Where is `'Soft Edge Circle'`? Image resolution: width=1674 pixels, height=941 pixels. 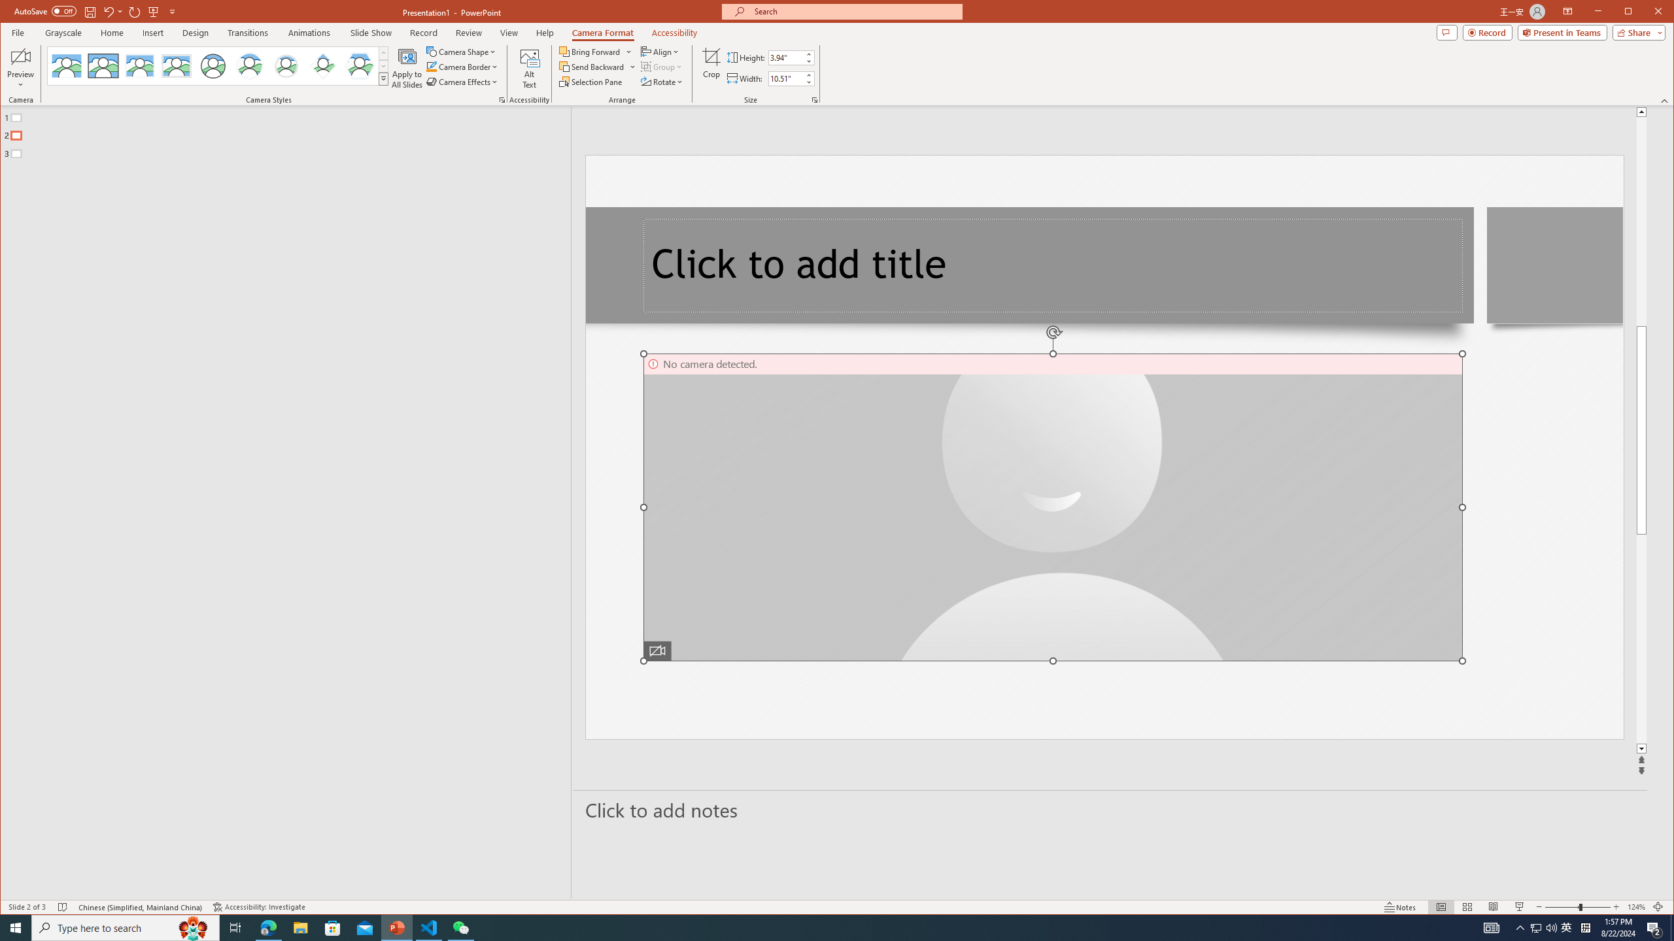 'Soft Edge Circle' is located at coordinates (285, 65).